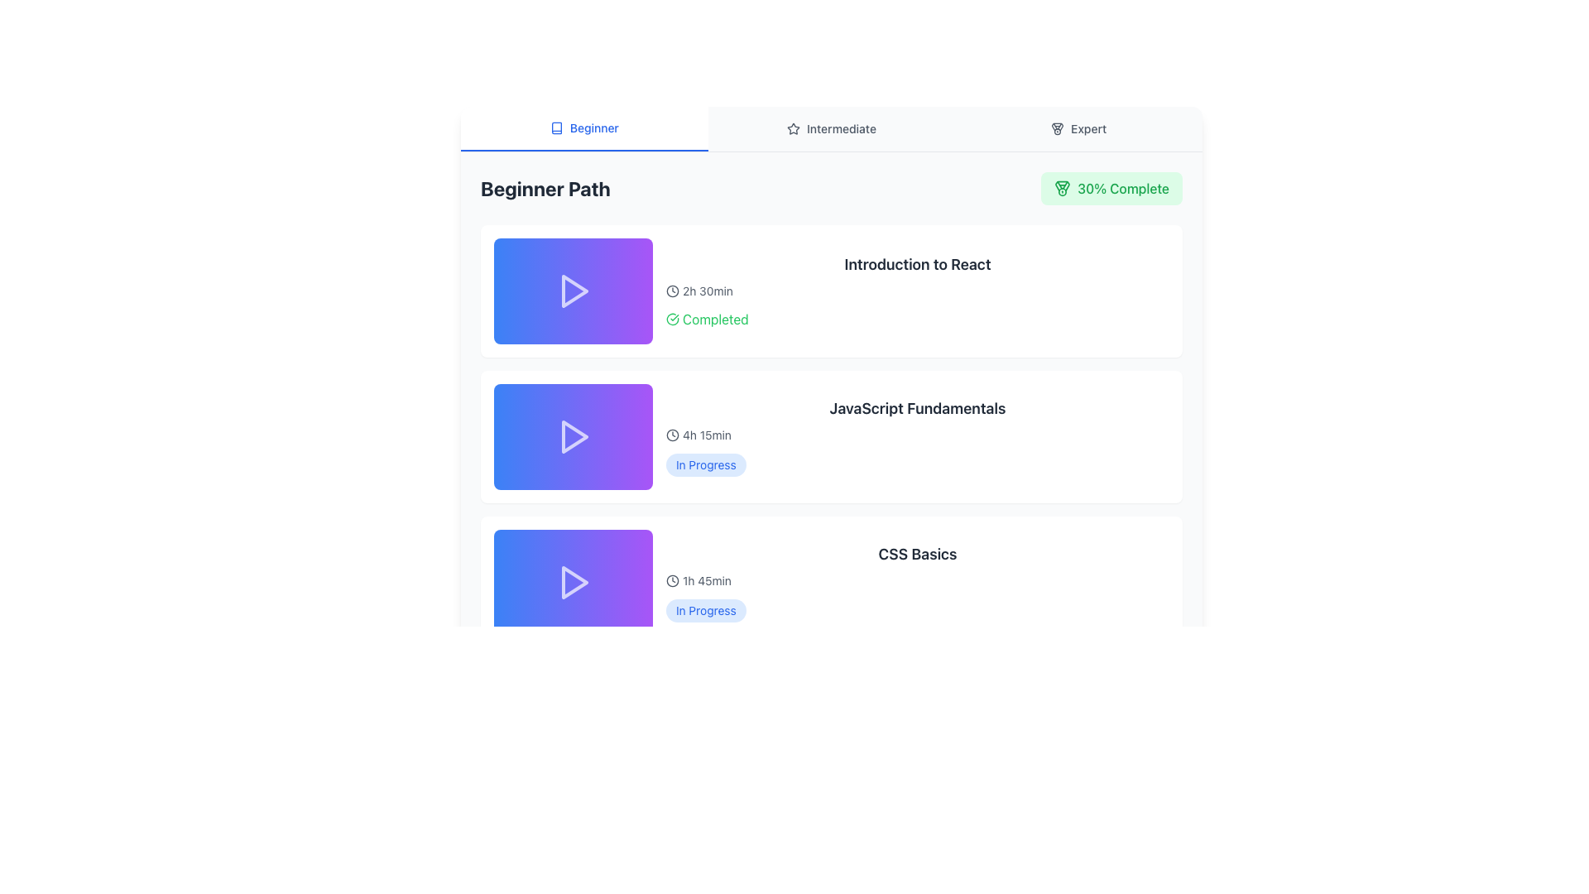 The image size is (1589, 894). What do you see at coordinates (793, 127) in the screenshot?
I see `the star-shaped icon located in the top-central navigation bar, immediately before the text 'Intermediate'` at bounding box center [793, 127].